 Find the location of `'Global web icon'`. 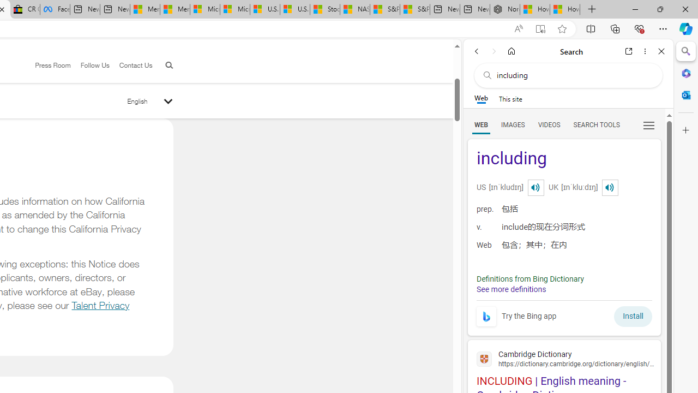

'Global web icon' is located at coordinates (484, 359).